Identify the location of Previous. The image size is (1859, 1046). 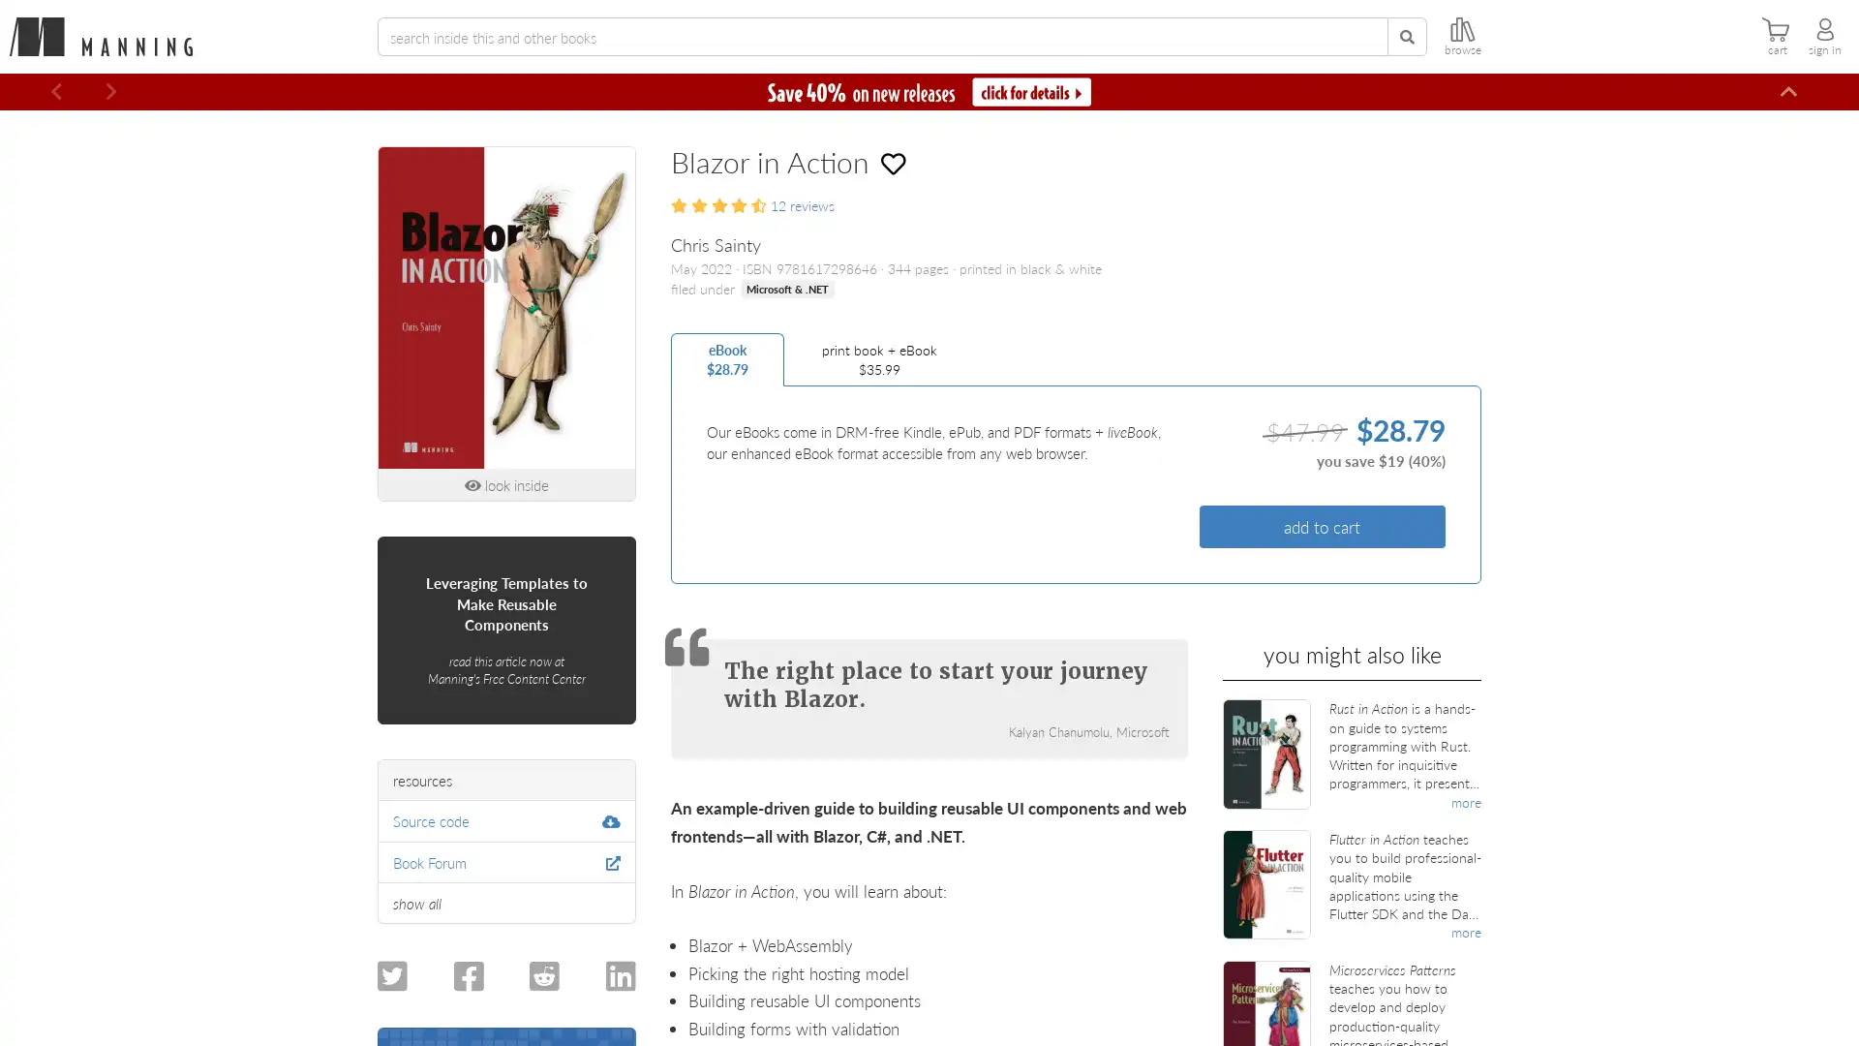
(56, 92).